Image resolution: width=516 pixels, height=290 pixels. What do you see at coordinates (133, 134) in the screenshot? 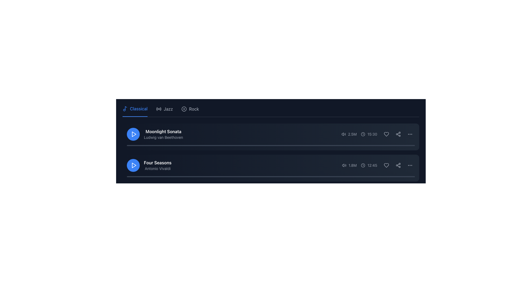
I see `the circular play button with a blue background and white play icon, located on the left side of the 'Moonlight Sonata' track, to prepare for activation` at bounding box center [133, 134].